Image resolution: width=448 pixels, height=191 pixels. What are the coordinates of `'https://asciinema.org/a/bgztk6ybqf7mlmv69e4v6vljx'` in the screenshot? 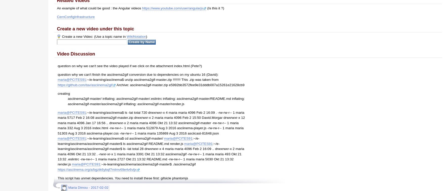 It's located at (97, 169).